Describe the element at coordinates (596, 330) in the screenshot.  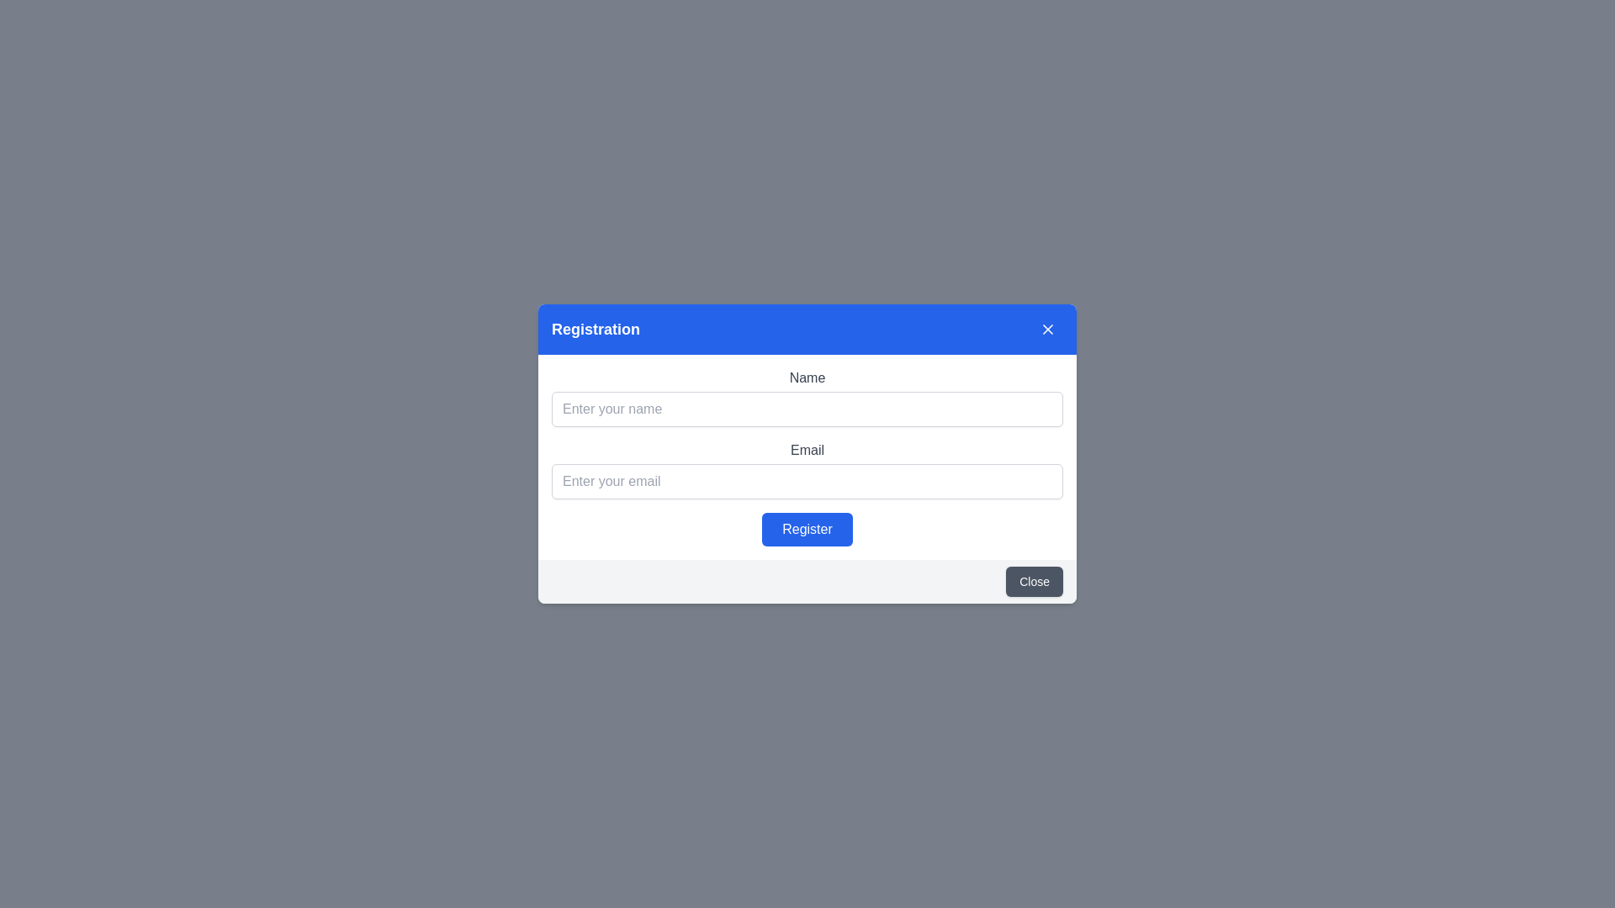
I see `the 'Registration' text label, which is a bold heading located at the top-left corner of the dialog box against a solid blue background` at that location.